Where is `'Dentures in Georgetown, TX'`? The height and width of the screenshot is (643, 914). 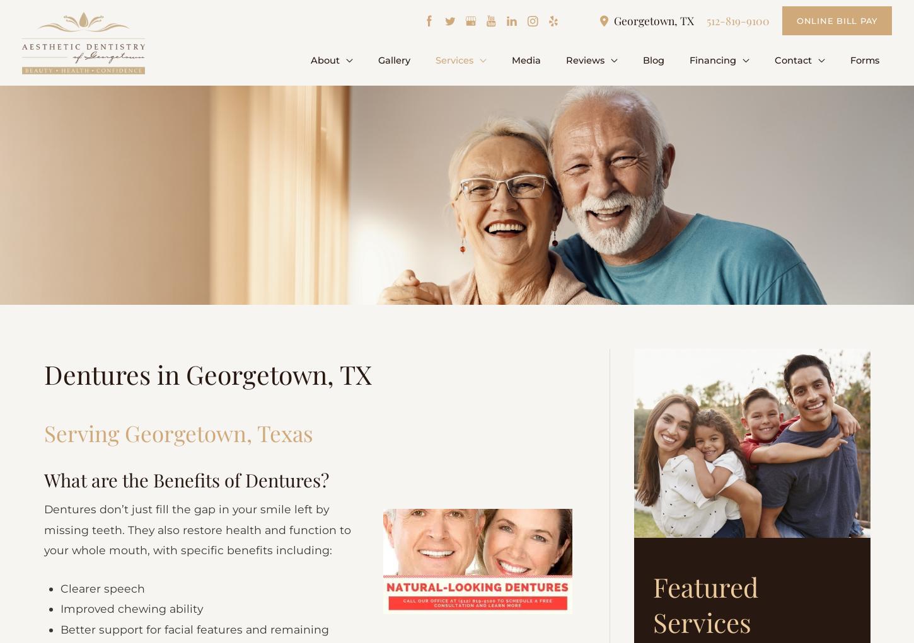
'Dentures in Georgetown, TX' is located at coordinates (44, 376).